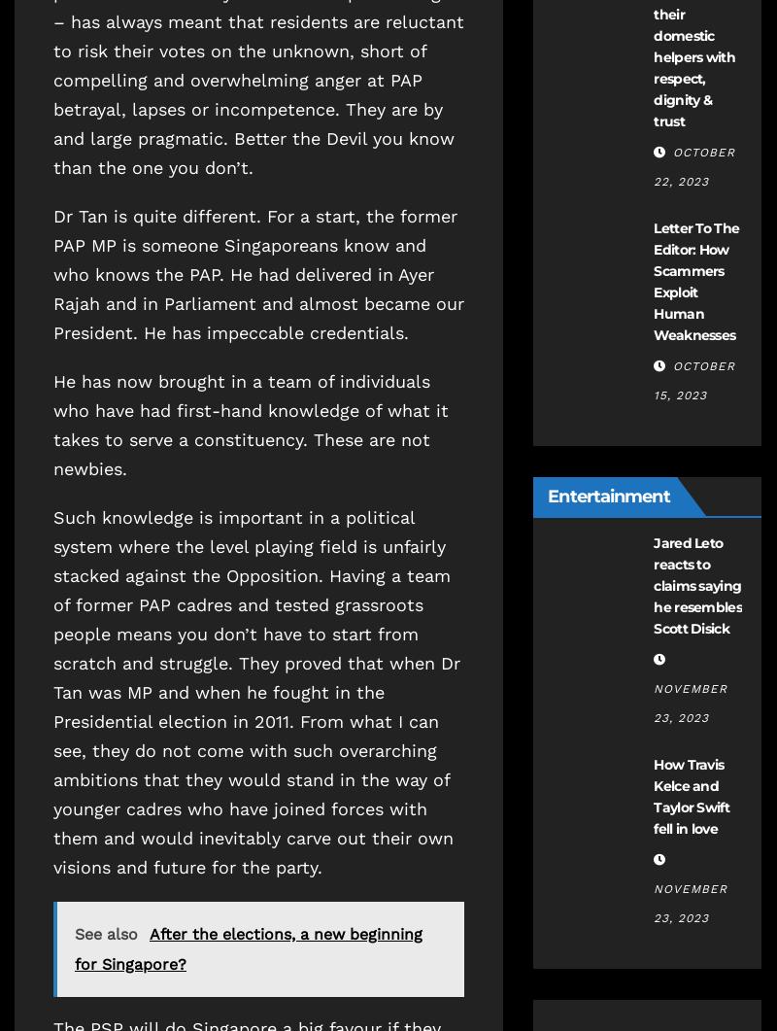 The width and height of the screenshot is (777, 1031). I want to click on 'See also', so click(75, 932).